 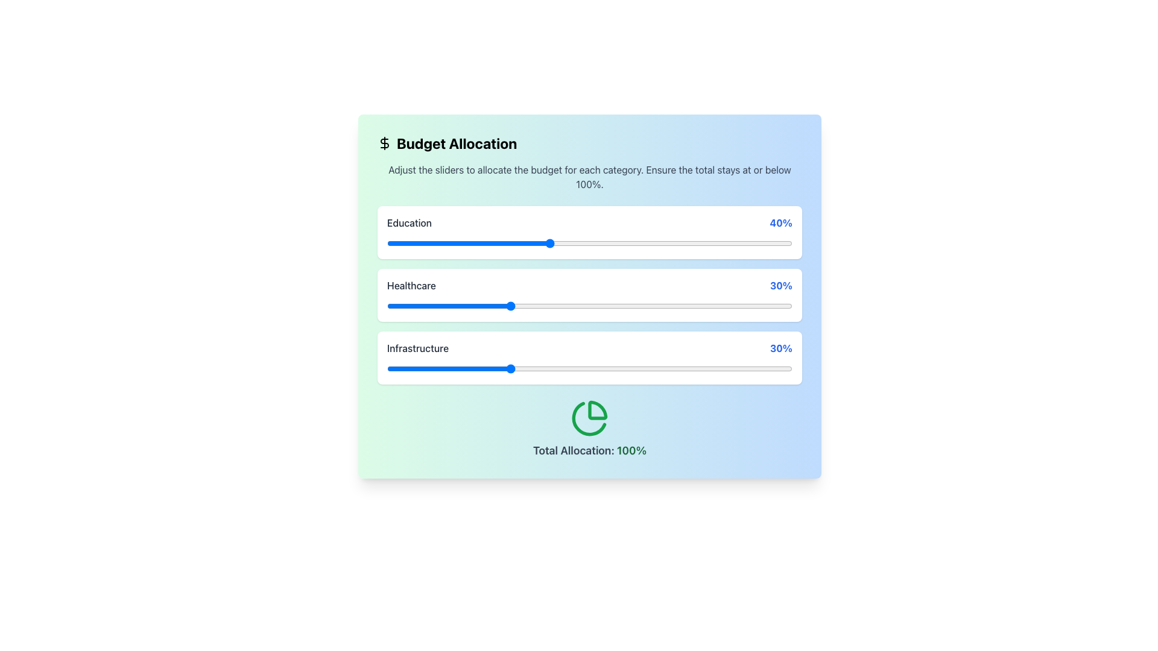 What do you see at coordinates (455, 244) in the screenshot?
I see `the Education allocation slider` at bounding box center [455, 244].